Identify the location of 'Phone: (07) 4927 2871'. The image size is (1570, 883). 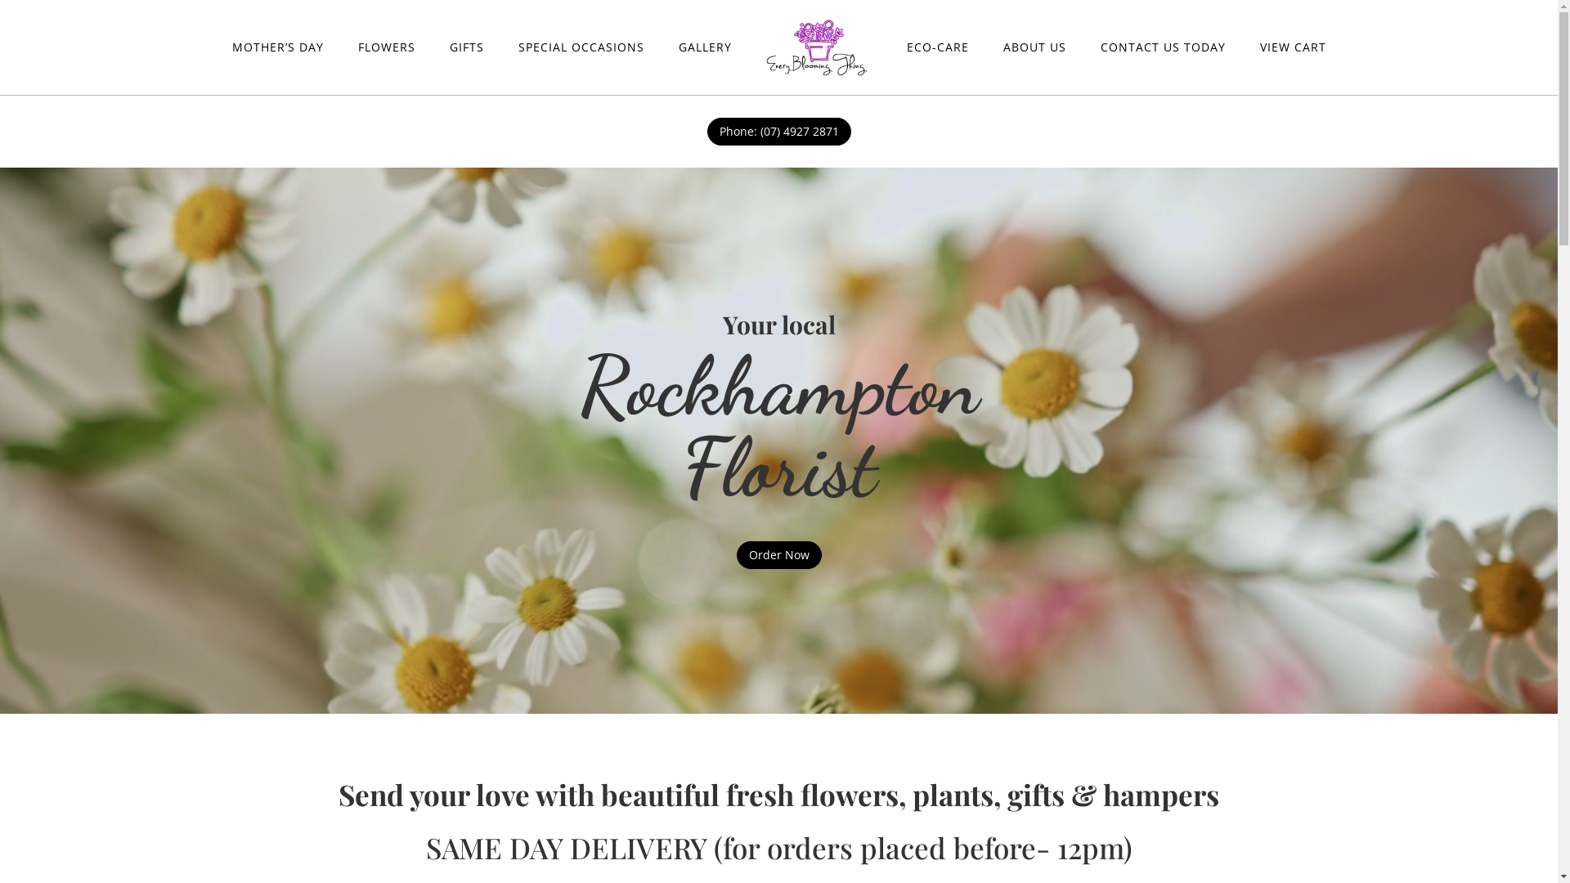
(706, 131).